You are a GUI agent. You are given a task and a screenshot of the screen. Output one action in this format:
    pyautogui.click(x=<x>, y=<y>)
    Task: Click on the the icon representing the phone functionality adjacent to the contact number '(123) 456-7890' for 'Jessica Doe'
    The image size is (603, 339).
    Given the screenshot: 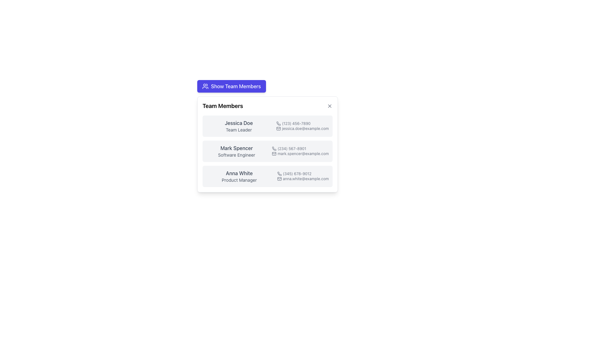 What is the action you would take?
    pyautogui.click(x=278, y=123)
    